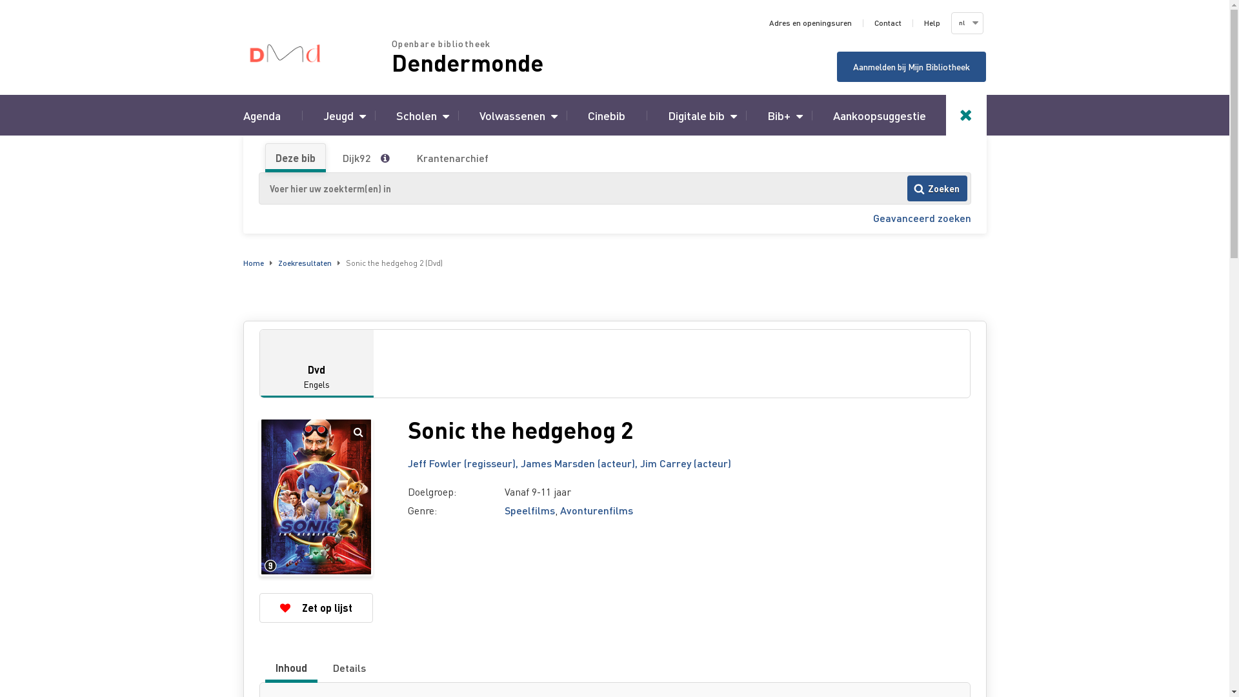  What do you see at coordinates (253, 262) in the screenshot?
I see `'Home'` at bounding box center [253, 262].